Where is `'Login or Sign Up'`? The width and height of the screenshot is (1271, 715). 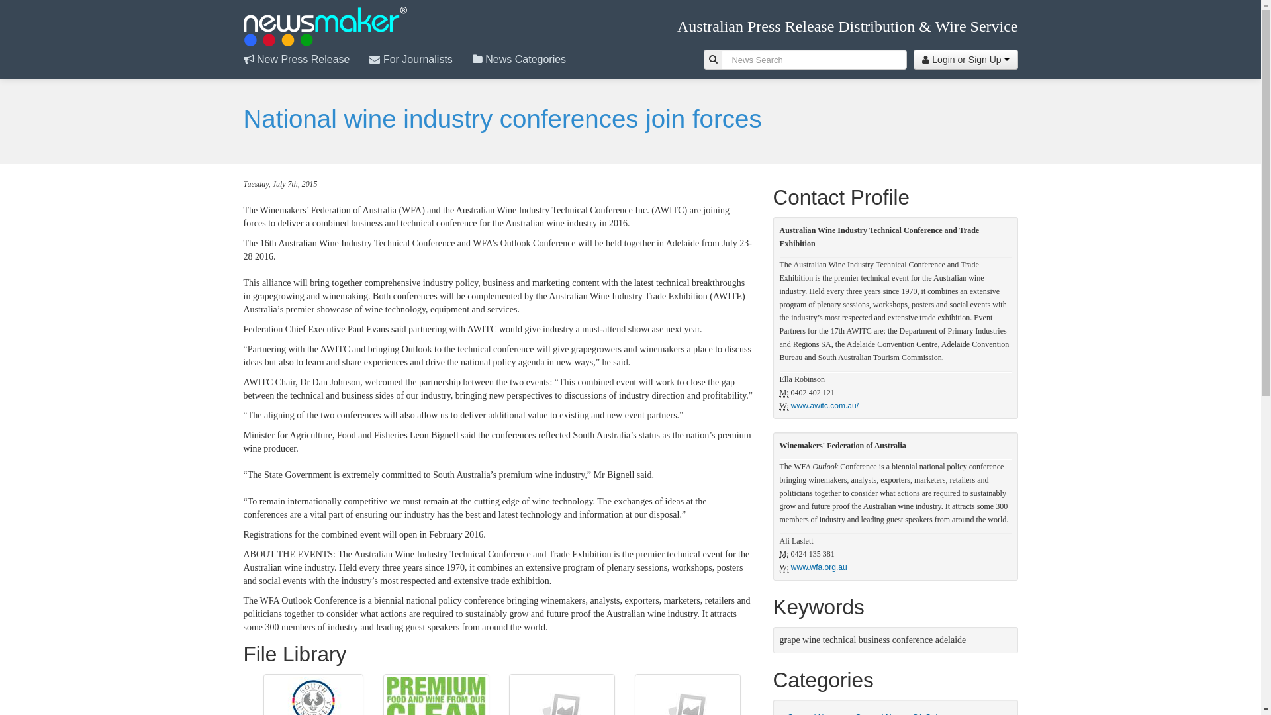 'Login or Sign Up' is located at coordinates (965, 58).